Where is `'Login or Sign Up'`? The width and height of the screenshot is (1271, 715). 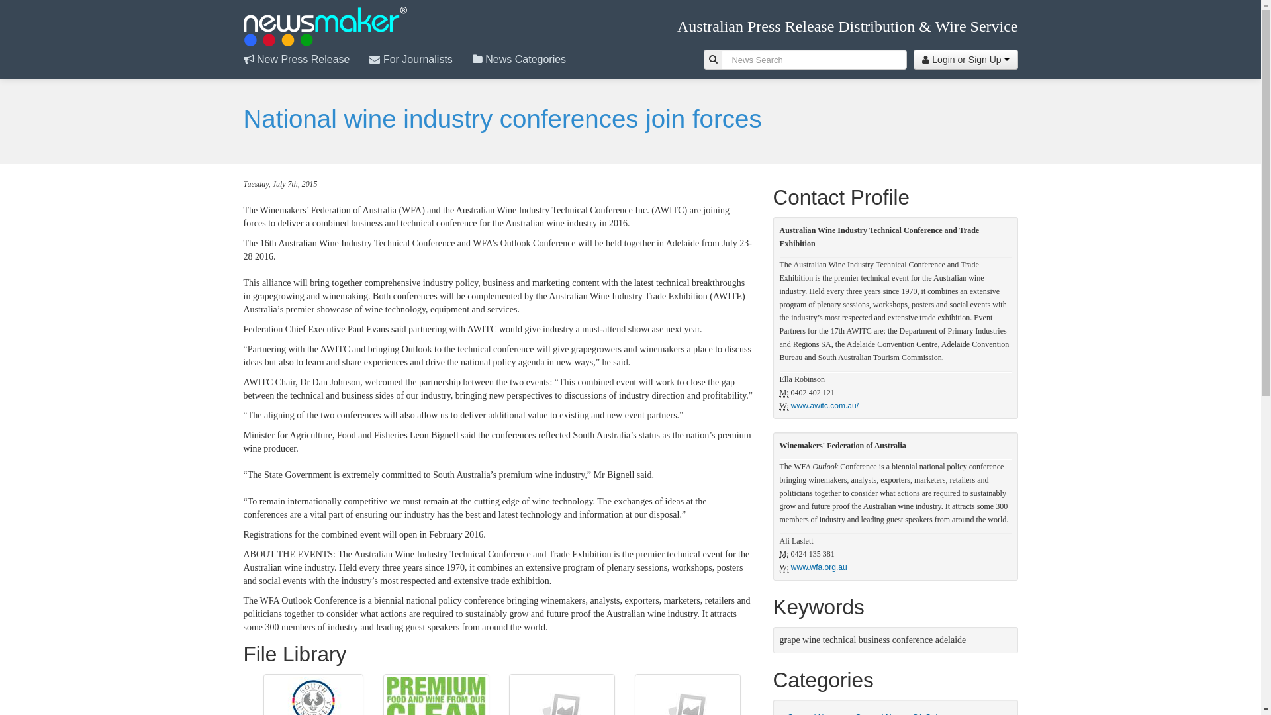 'Login or Sign Up' is located at coordinates (965, 58).